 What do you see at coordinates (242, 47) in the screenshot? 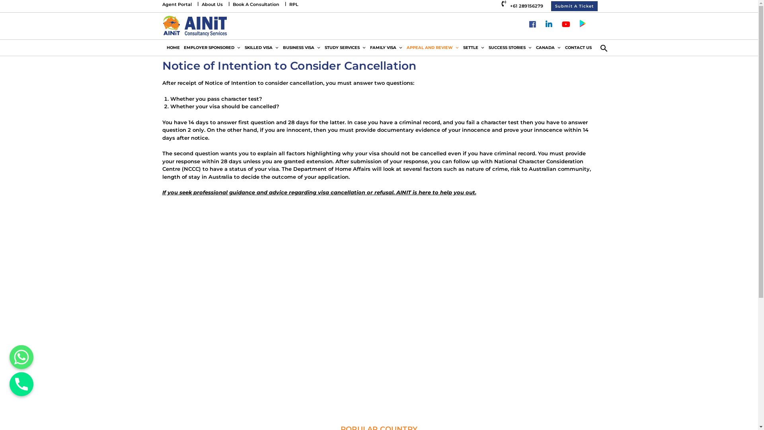
I see `'SKILLED VISA'` at bounding box center [242, 47].